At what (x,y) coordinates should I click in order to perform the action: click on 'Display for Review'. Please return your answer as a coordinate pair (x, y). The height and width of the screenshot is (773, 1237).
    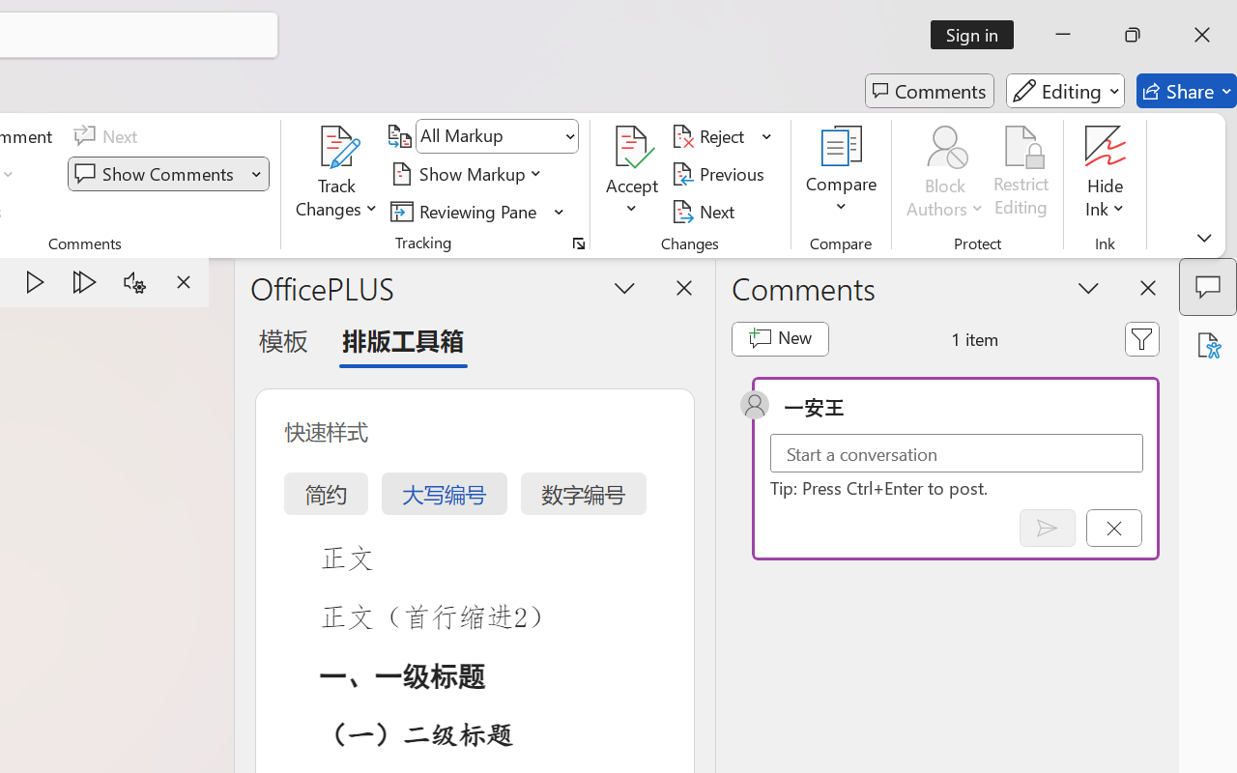
    Looking at the image, I should click on (497, 136).